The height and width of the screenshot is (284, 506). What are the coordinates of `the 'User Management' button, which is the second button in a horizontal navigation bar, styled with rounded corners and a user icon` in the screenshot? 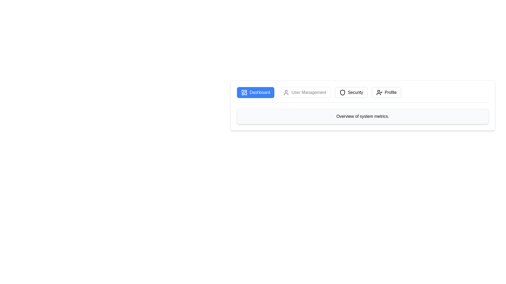 It's located at (305, 92).